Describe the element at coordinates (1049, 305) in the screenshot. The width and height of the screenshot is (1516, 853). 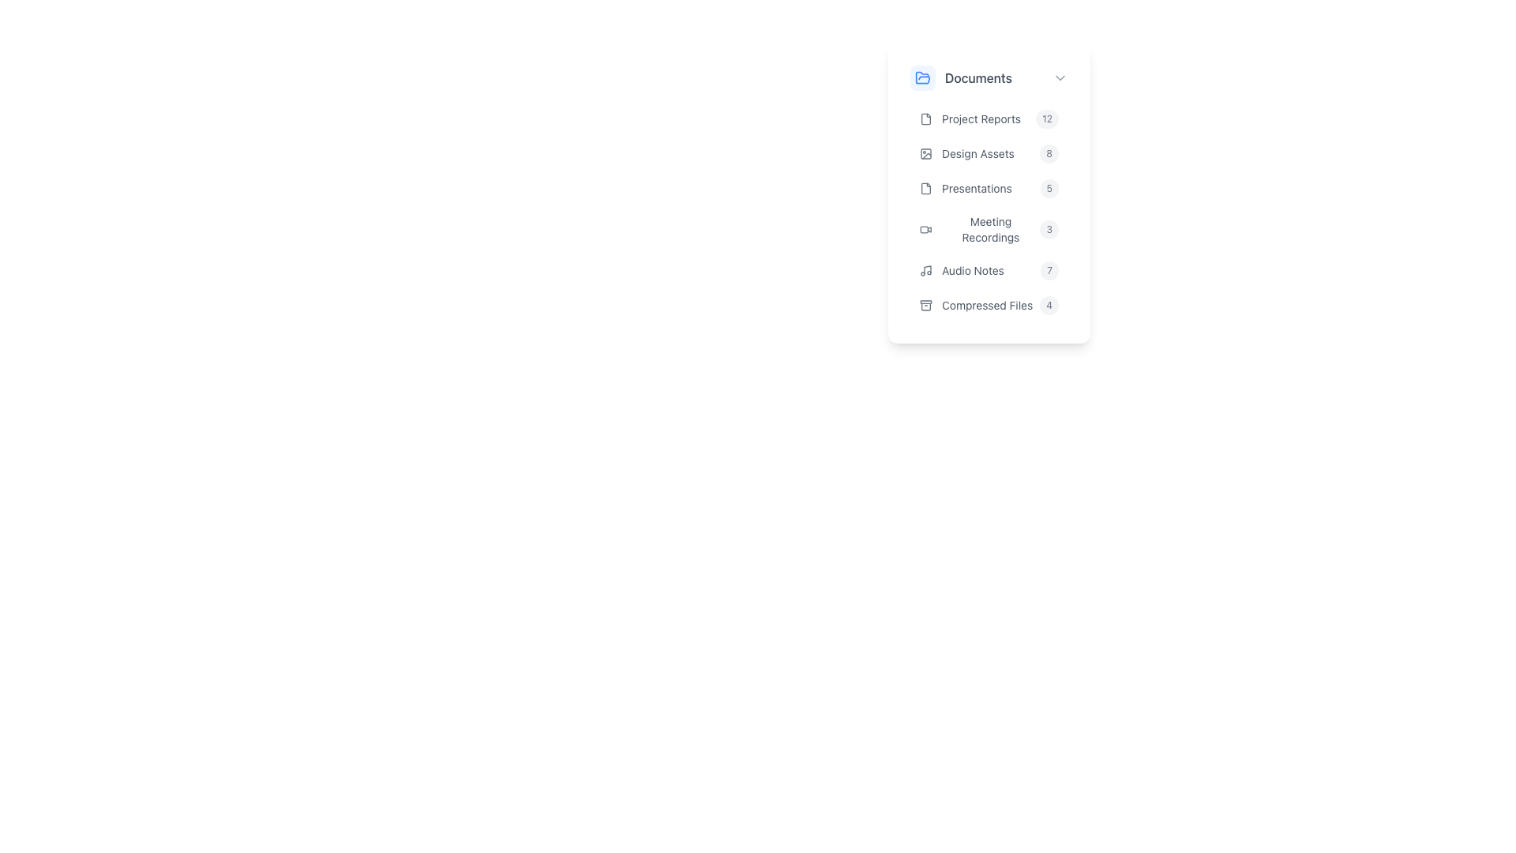
I see `the informational badge displaying the number '4' in gray text, which is located at the far right of the 'Compressed Files' row` at that location.